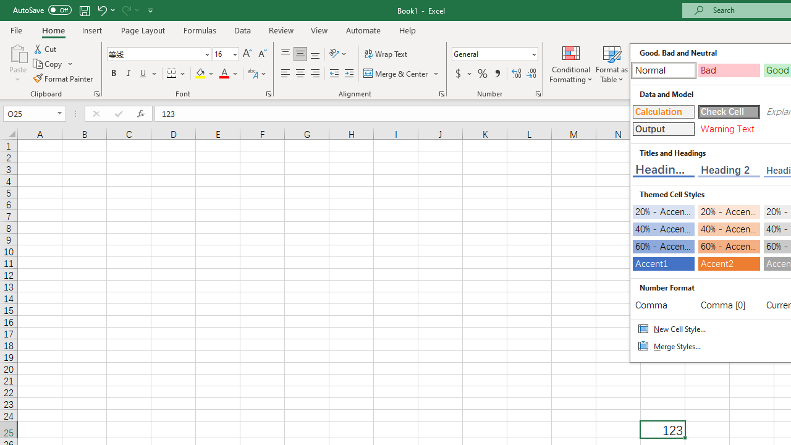 The width and height of the screenshot is (791, 445). I want to click on 'Underline', so click(143, 74).